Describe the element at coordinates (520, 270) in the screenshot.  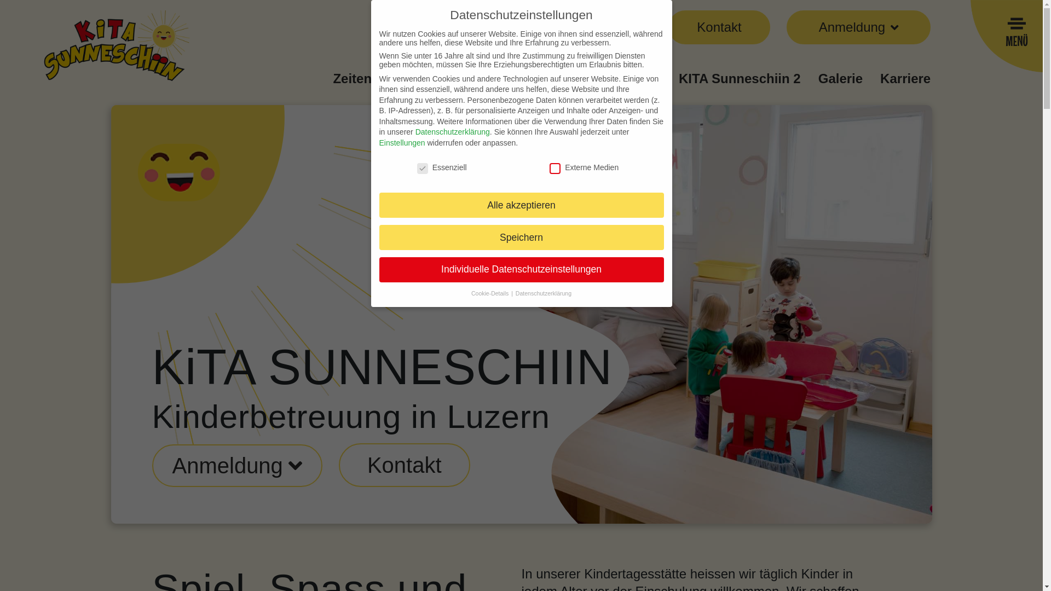
I see `'Individuelle Datenschutzeinstellungen'` at that location.